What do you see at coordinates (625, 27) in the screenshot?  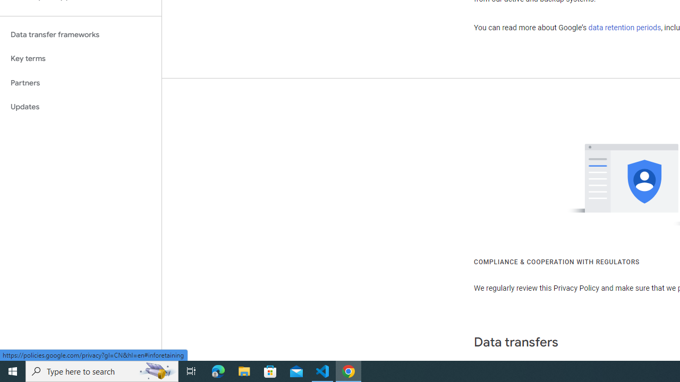 I see `'data retention periods'` at bounding box center [625, 27].